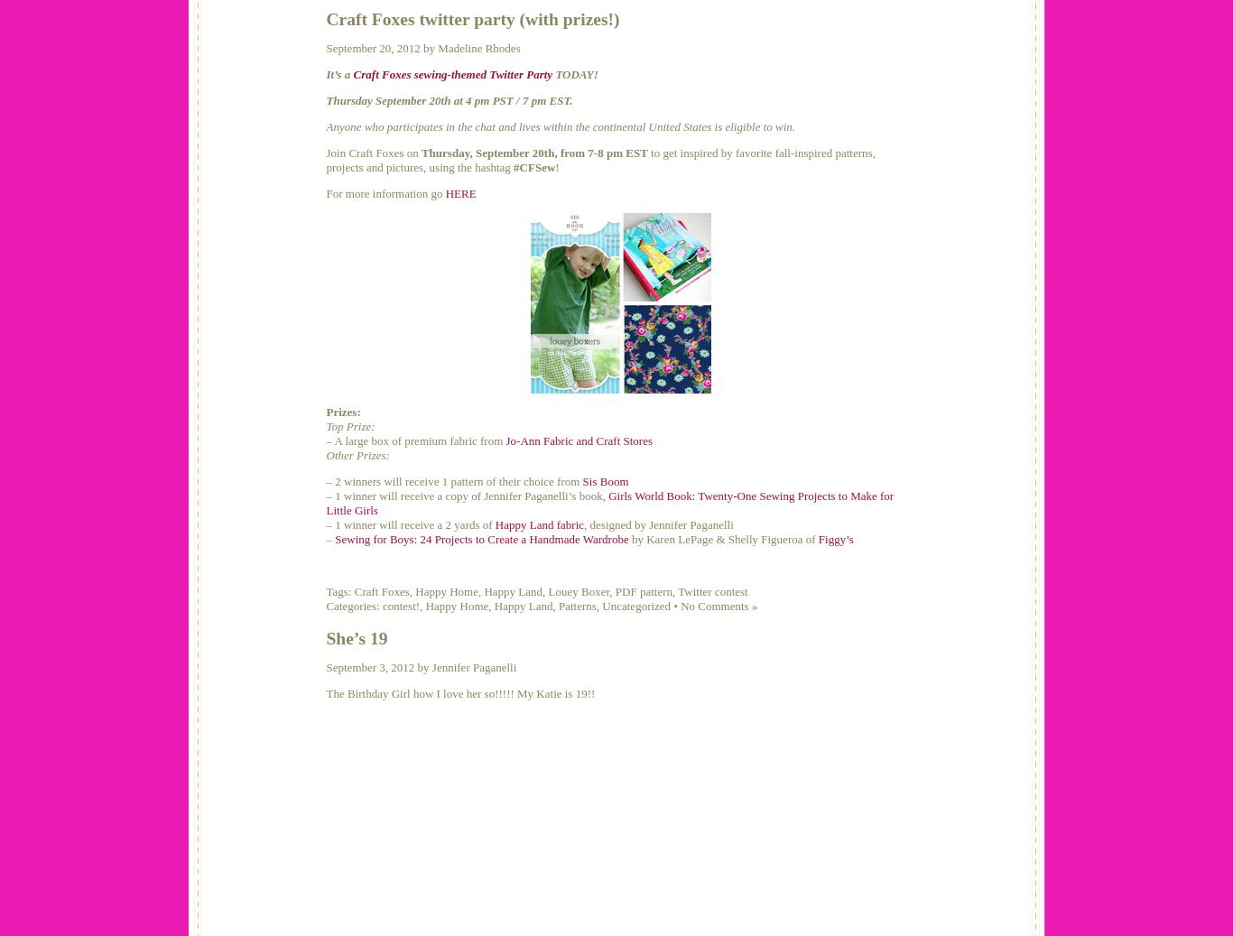 This screenshot has width=1233, height=936. What do you see at coordinates (422, 47) in the screenshot?
I see `'September 20, 2012 by Madeline Rhodes'` at bounding box center [422, 47].